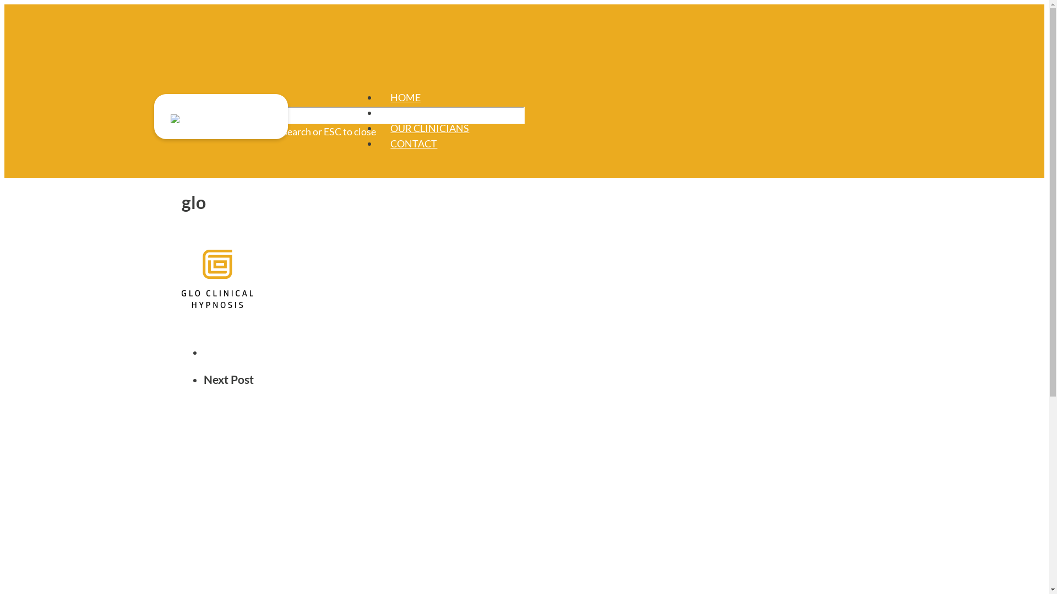 Image resolution: width=1057 pixels, height=594 pixels. What do you see at coordinates (390, 97) in the screenshot?
I see `'HOME'` at bounding box center [390, 97].